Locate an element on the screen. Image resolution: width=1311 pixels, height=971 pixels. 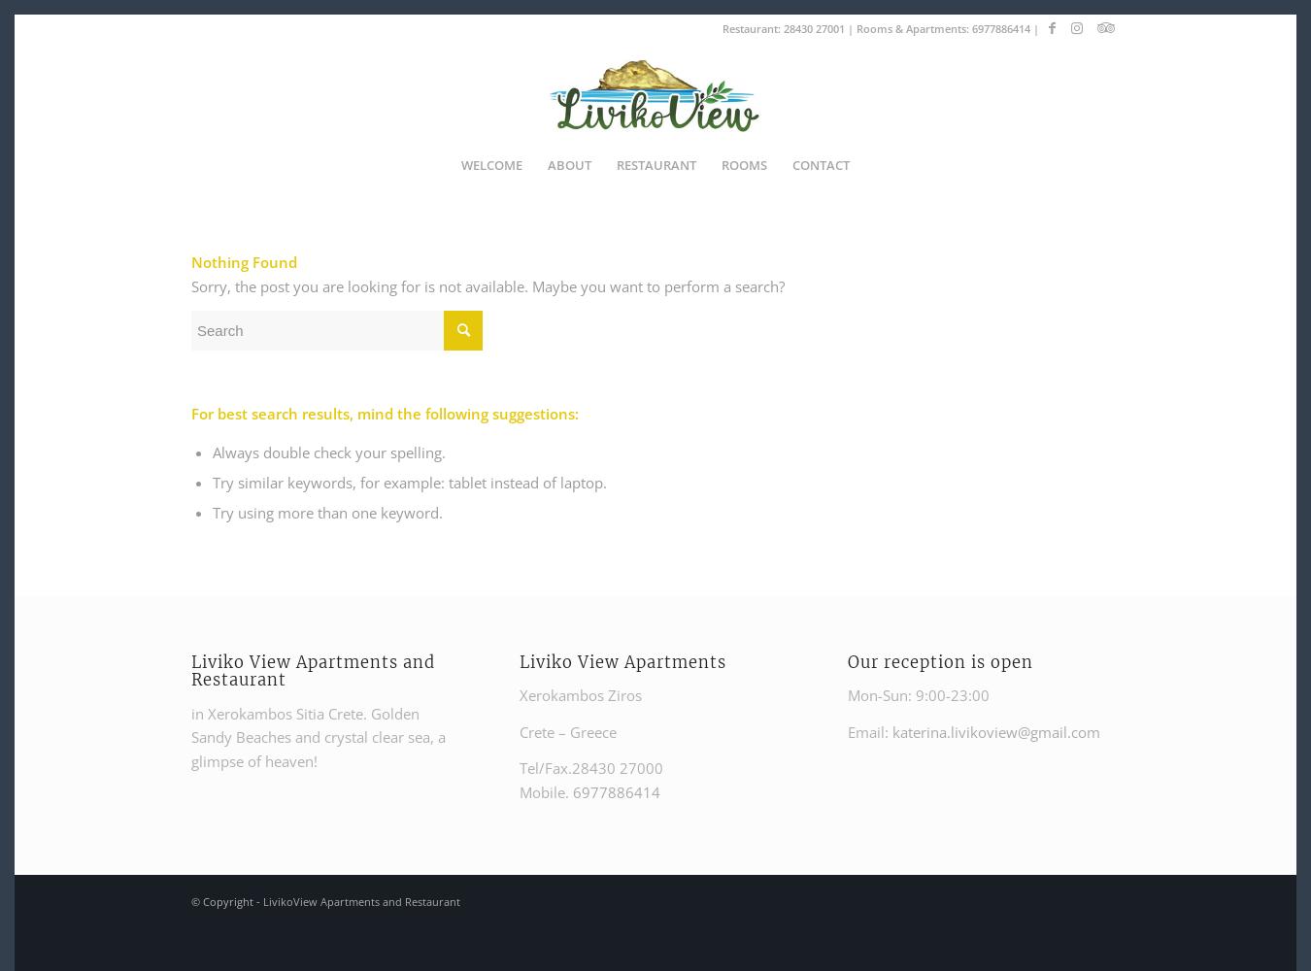
'Restaurant:' is located at coordinates (721, 28).